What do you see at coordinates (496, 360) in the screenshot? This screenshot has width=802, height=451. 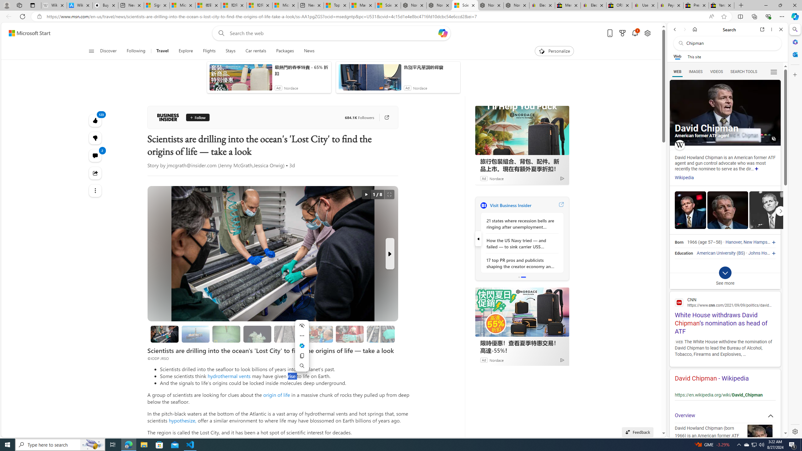 I see `'Nordace'` at bounding box center [496, 360].